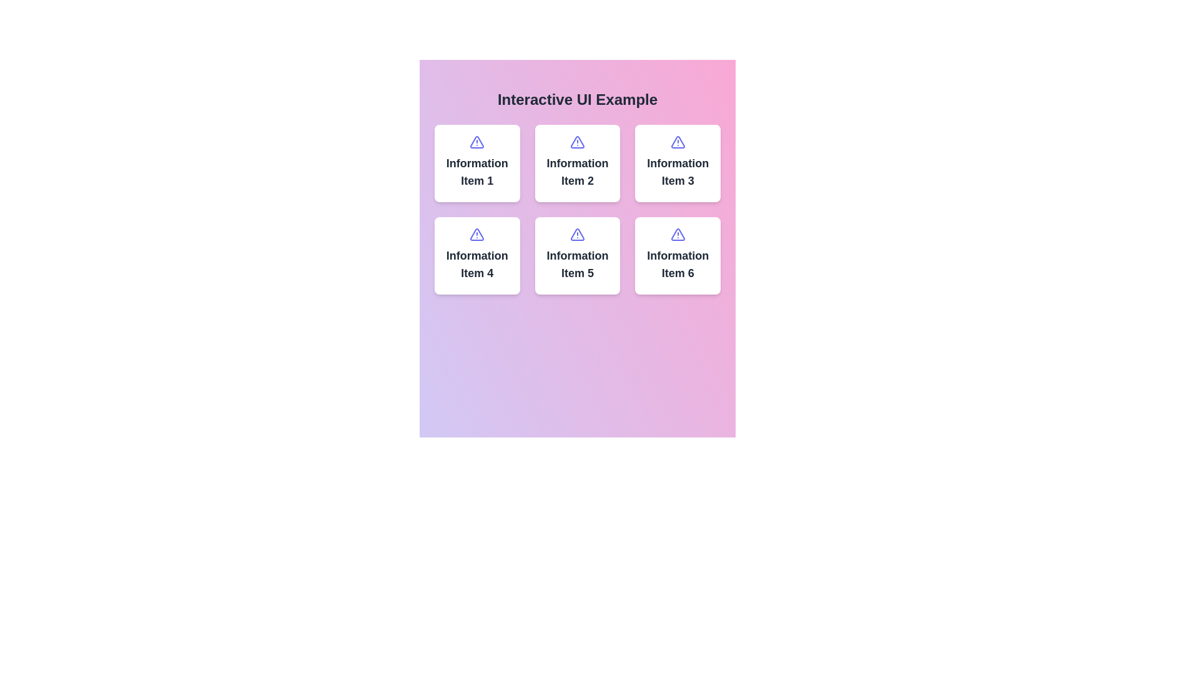 The height and width of the screenshot is (674, 1199). Describe the element at coordinates (677, 234) in the screenshot. I see `the warning or alert icon located in the header area of the sixth card in a 2x3 grid` at that location.